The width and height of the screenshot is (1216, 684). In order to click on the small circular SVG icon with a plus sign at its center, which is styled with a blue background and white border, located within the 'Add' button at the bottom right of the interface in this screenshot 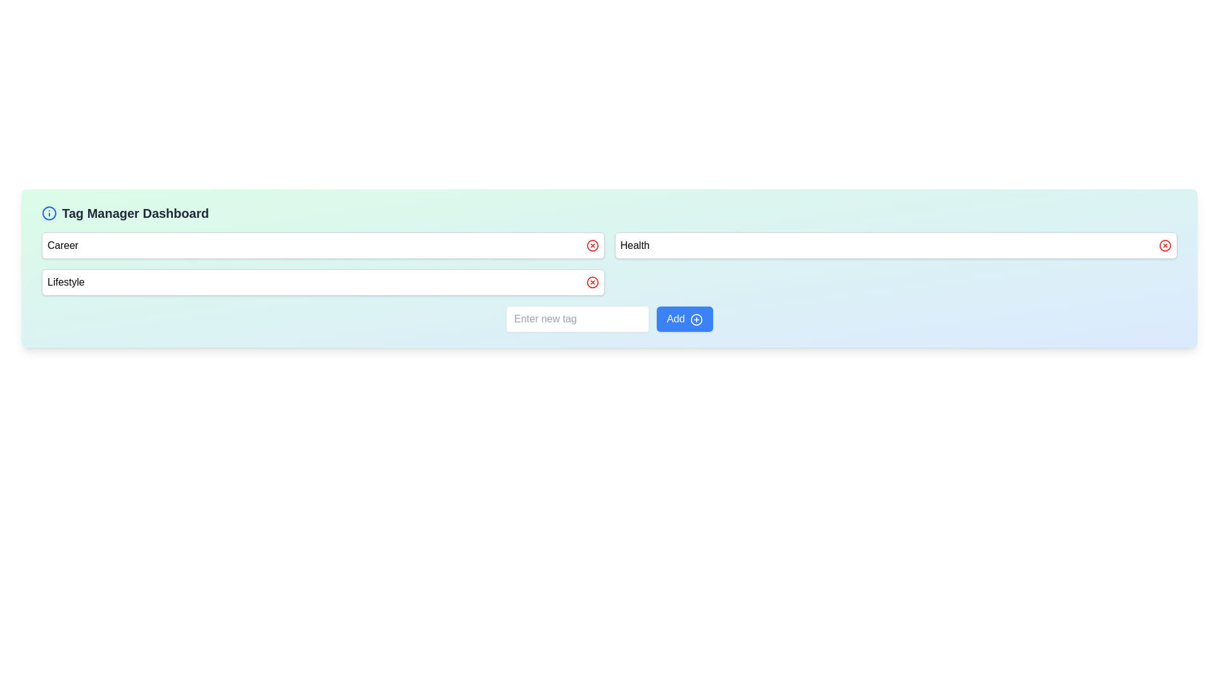, I will do `click(695, 319)`.